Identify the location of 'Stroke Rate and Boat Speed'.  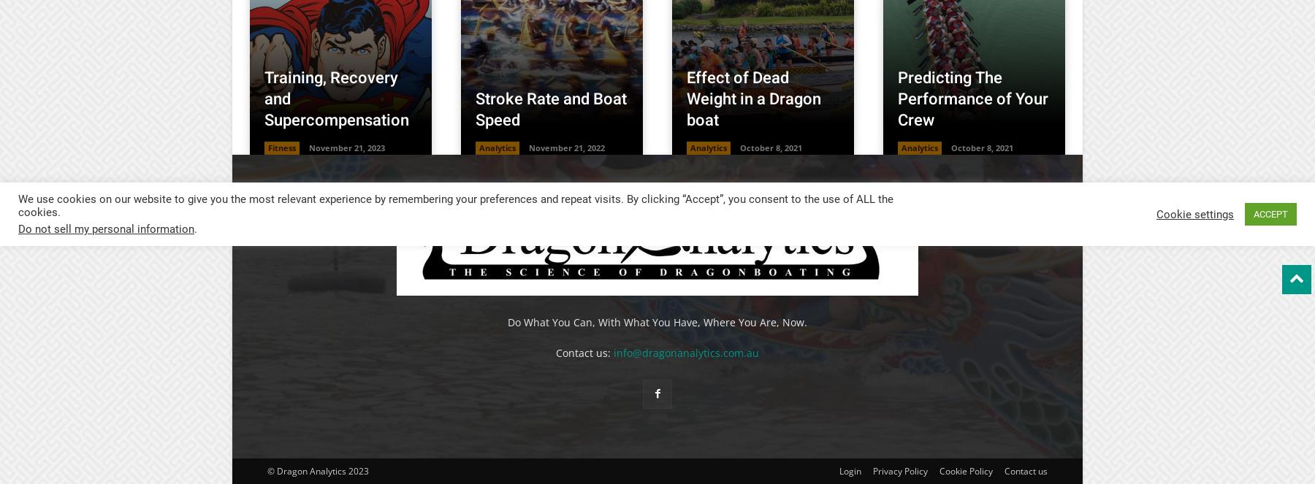
(550, 109).